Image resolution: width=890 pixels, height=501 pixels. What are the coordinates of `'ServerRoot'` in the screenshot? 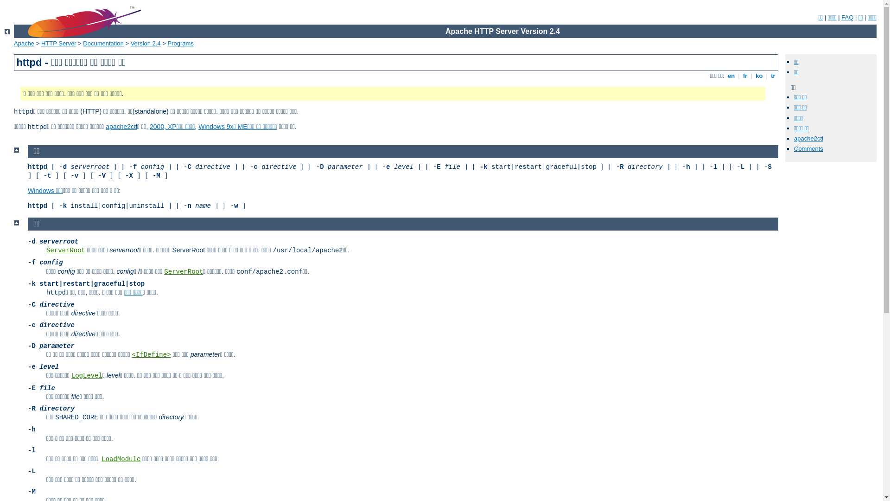 It's located at (65, 250).